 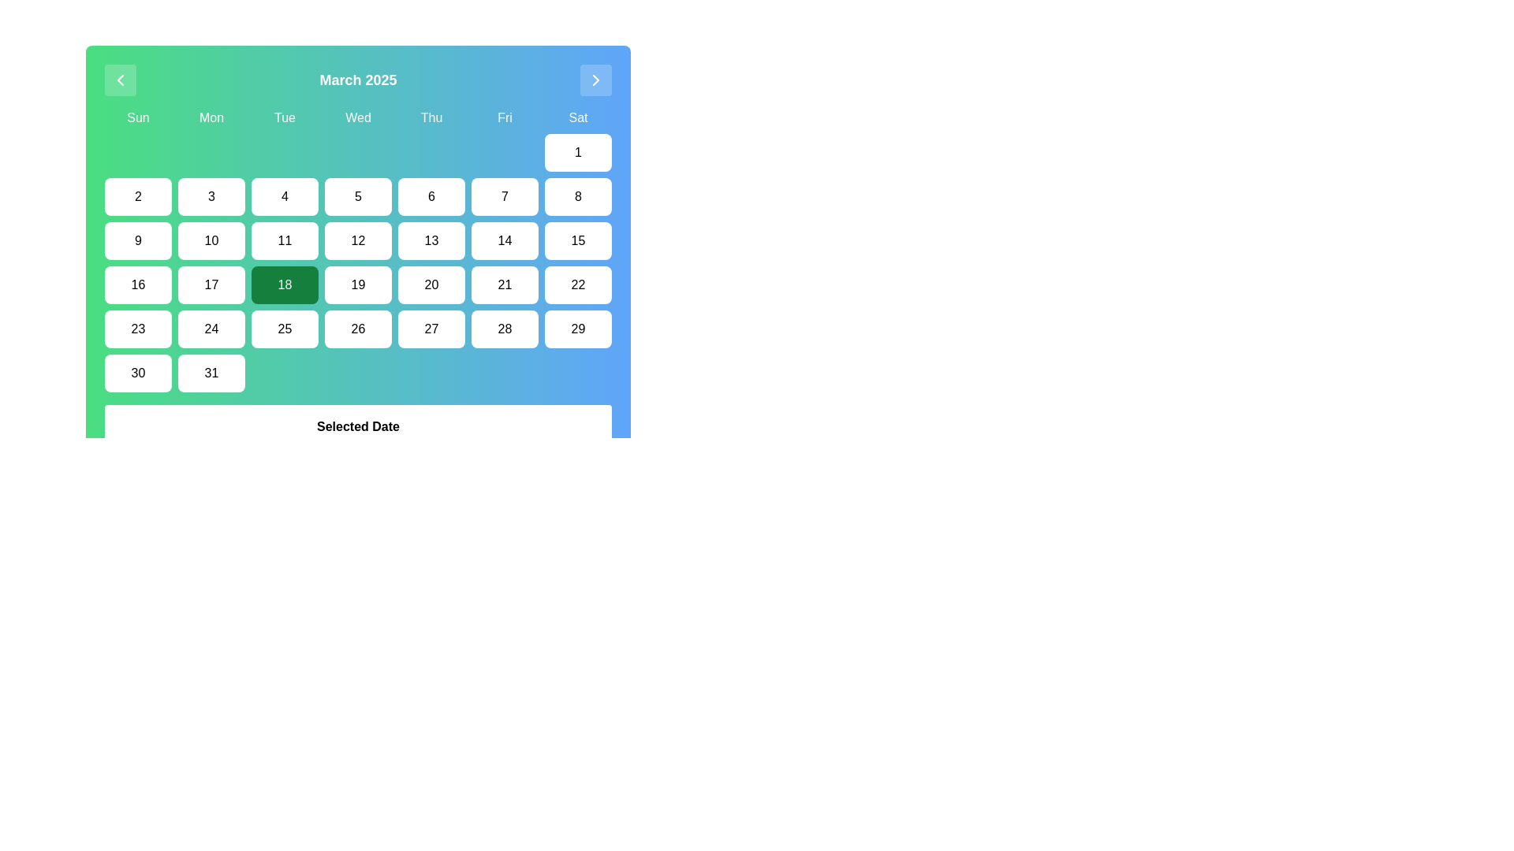 I want to click on the static text label displaying 'Thu', which is the fifth day title in a row above the calendar grid, so click(x=431, y=117).